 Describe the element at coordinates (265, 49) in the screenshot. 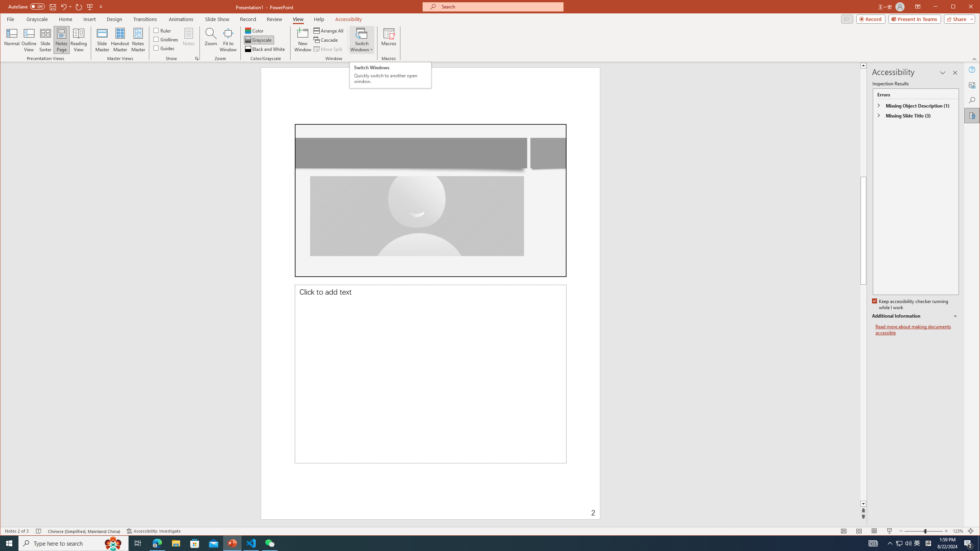

I see `'Black and White'` at that location.